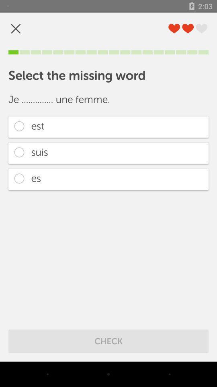 The width and height of the screenshot is (217, 387). What do you see at coordinates (16, 29) in the screenshot?
I see `closes window` at bounding box center [16, 29].